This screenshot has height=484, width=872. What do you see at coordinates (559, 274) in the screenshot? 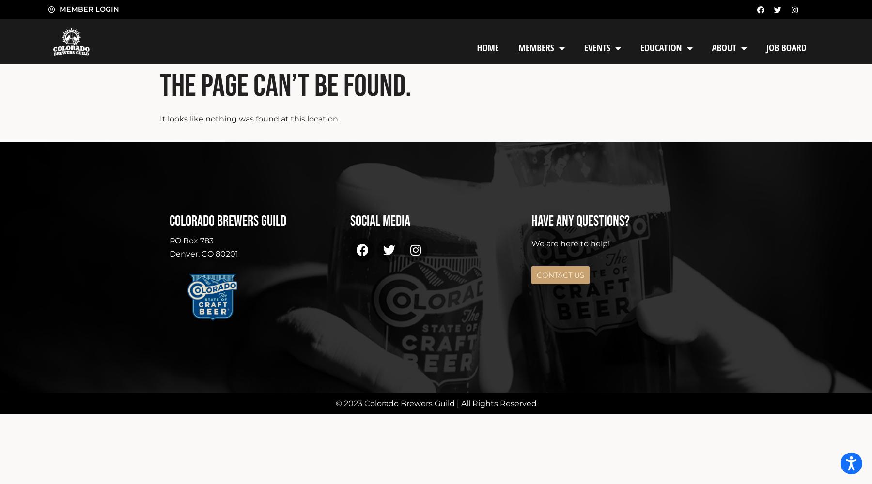
I see `'Contact Us'` at bounding box center [559, 274].